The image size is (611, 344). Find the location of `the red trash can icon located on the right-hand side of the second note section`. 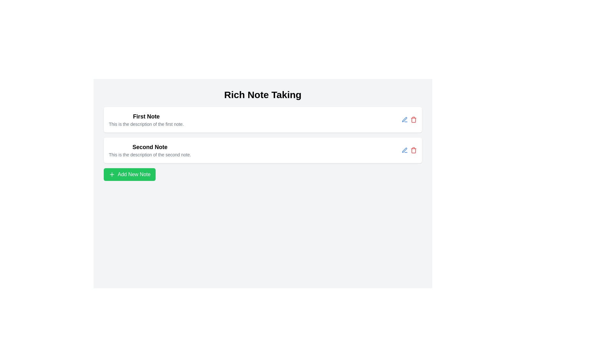

the red trash can icon located on the right-hand side of the second note section is located at coordinates (414, 150).